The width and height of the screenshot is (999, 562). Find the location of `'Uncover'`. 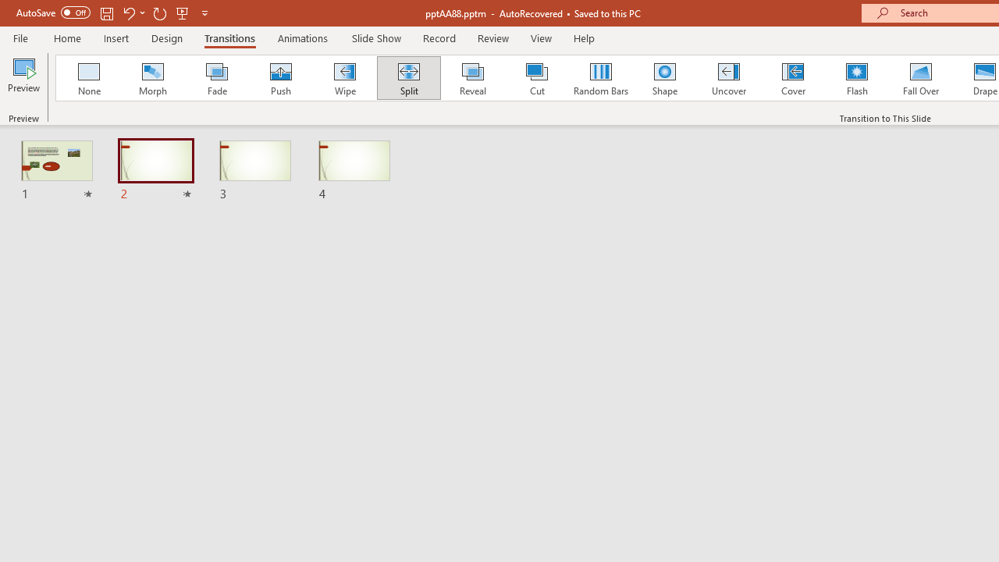

'Uncover' is located at coordinates (728, 78).